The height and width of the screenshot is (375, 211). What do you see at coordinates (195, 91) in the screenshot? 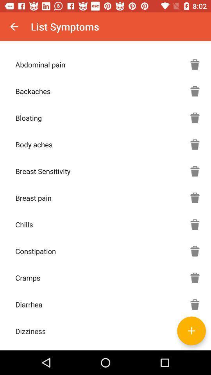
I see `delete` at bounding box center [195, 91].